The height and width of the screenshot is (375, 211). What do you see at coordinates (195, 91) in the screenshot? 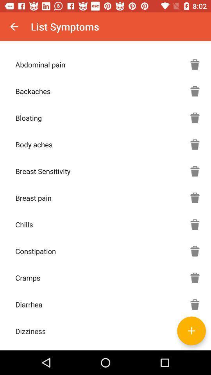
I see `delete` at bounding box center [195, 91].